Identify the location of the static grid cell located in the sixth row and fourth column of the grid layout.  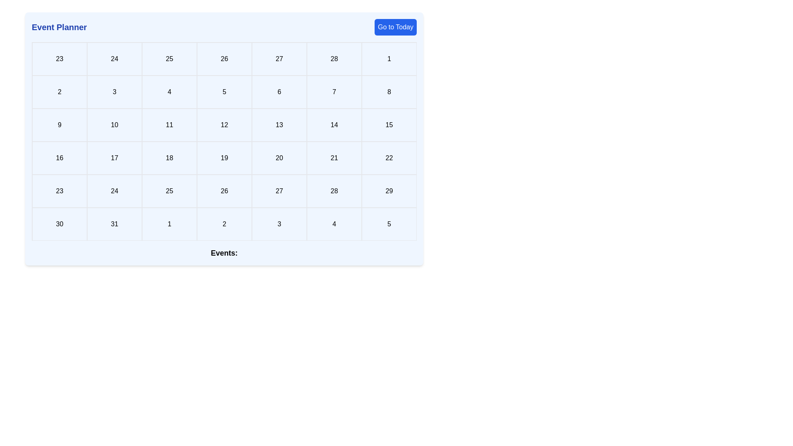
(334, 224).